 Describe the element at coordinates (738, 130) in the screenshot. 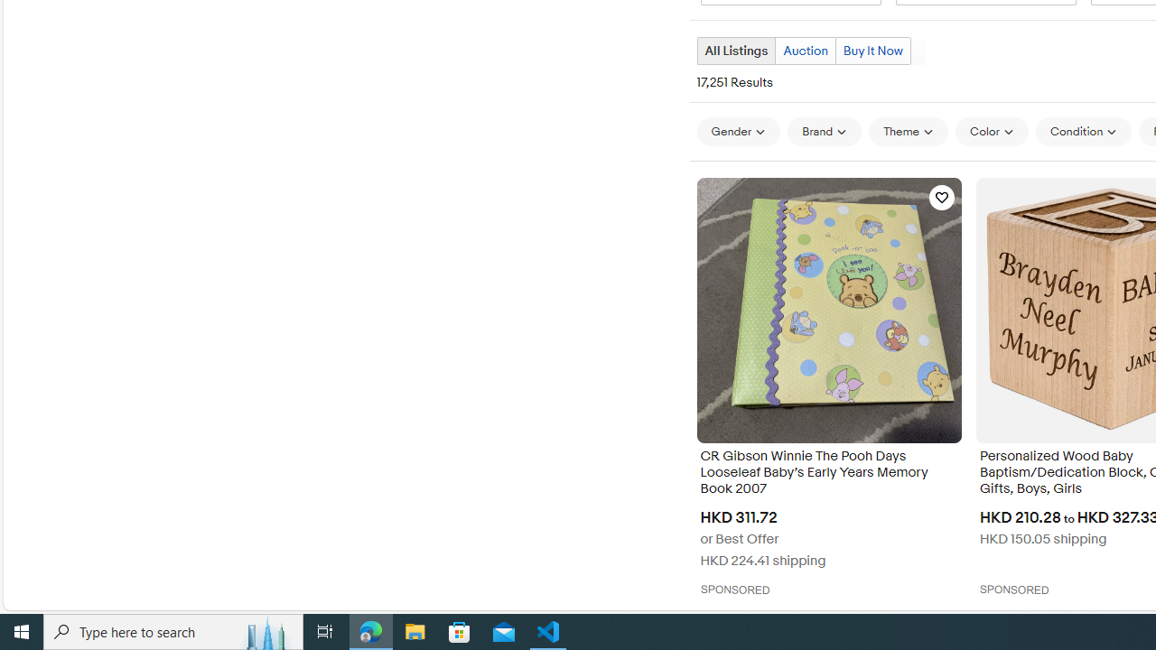

I see `'Gender'` at that location.